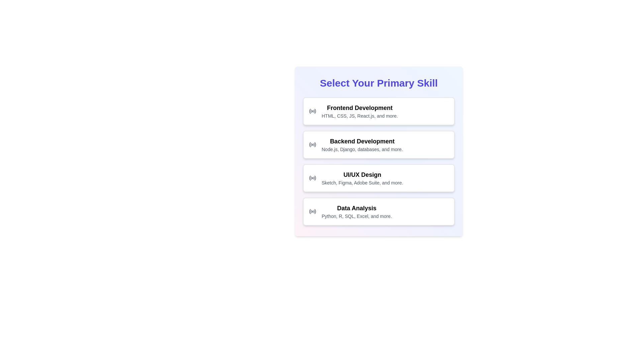 The image size is (642, 361). What do you see at coordinates (310, 211) in the screenshot?
I see `the innermost curve on the left side of the concentric arcs in the circular icon associated with the 'Data Analysis' option` at bounding box center [310, 211].